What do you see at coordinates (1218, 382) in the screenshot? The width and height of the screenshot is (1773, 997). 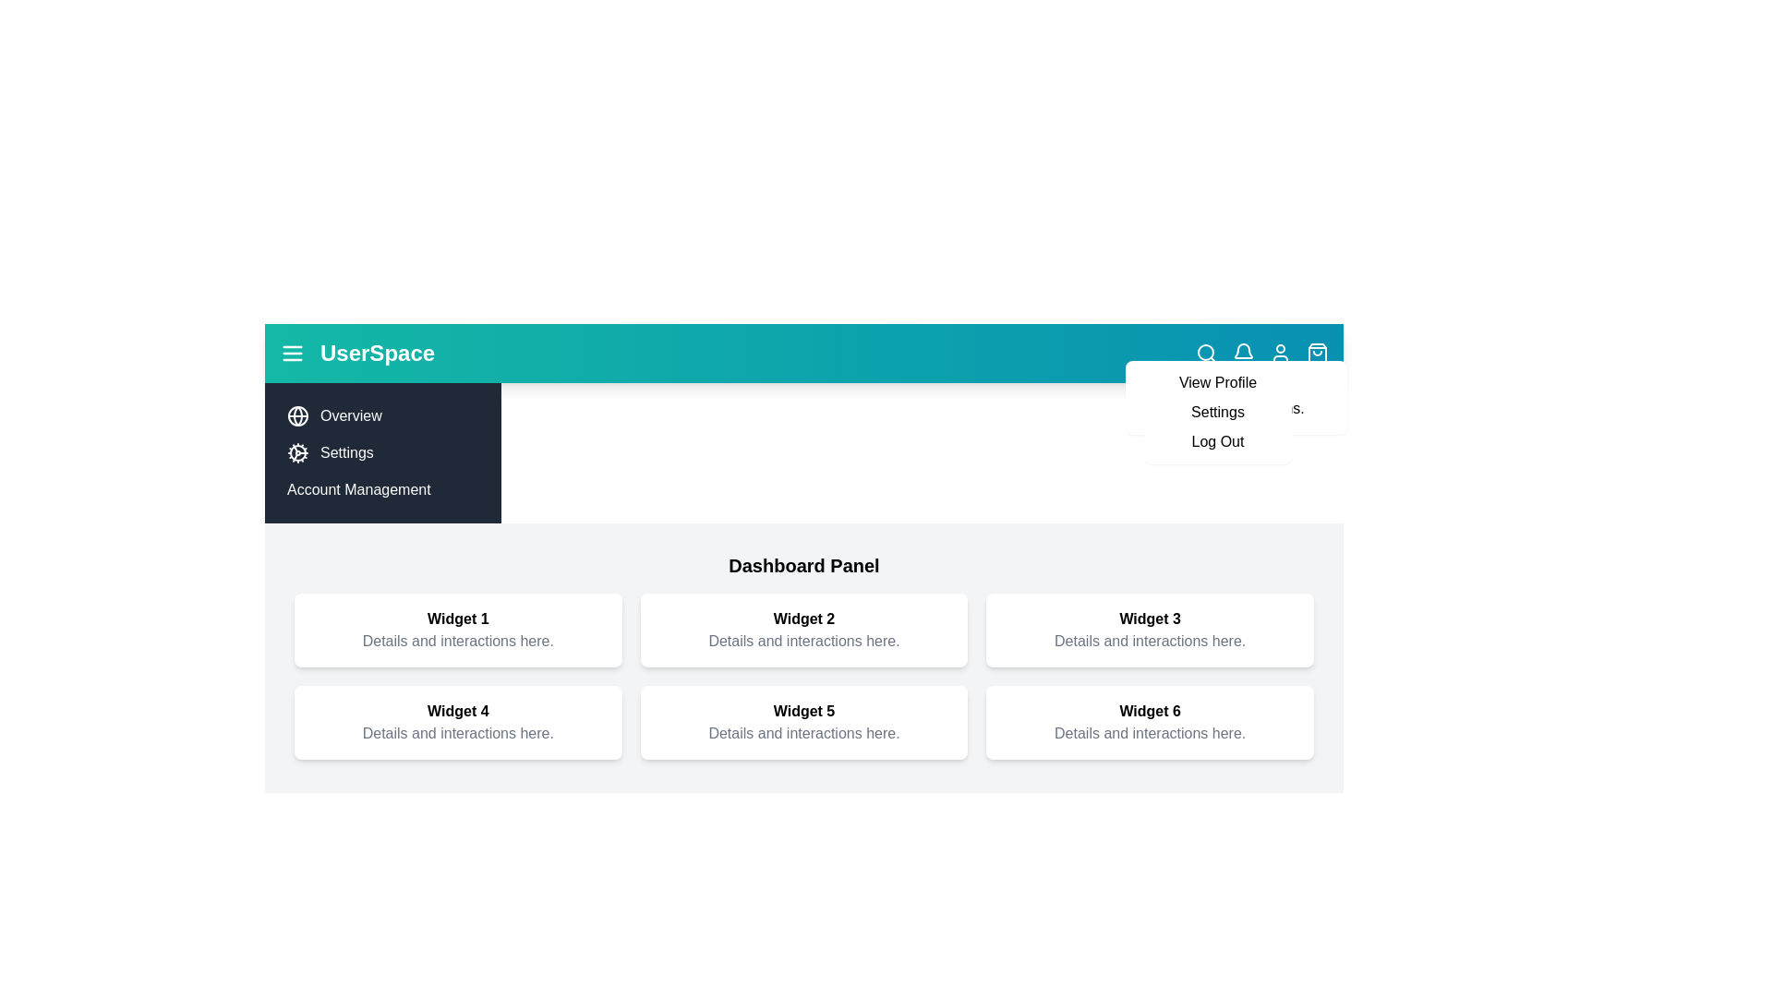 I see `the 'View Profile' text button in the dropdown menu` at bounding box center [1218, 382].